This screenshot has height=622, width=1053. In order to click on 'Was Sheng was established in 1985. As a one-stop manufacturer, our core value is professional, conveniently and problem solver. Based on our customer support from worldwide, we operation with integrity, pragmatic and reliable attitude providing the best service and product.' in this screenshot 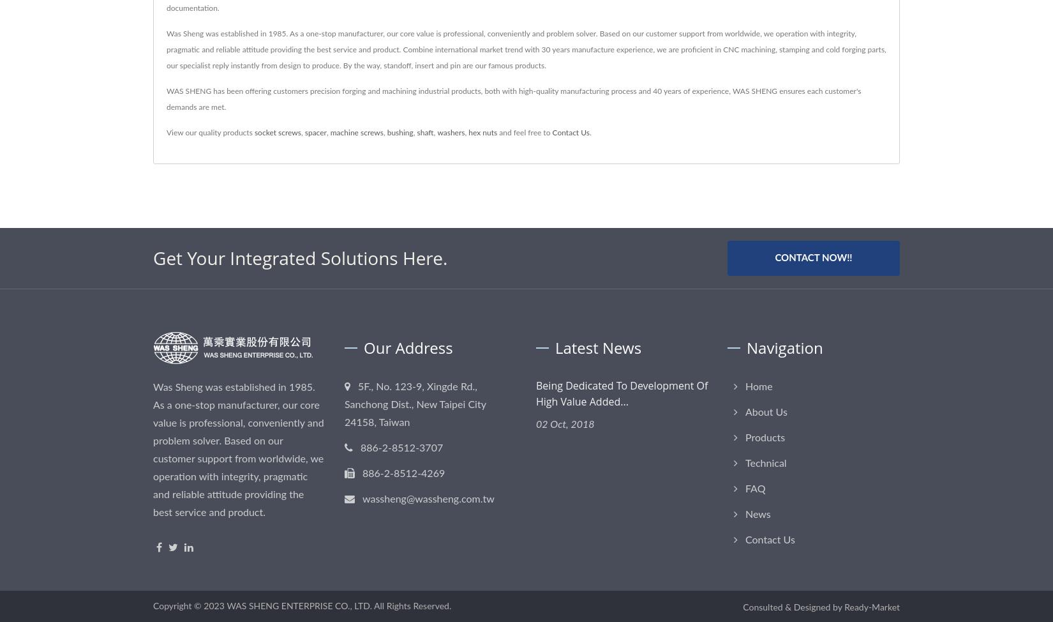, I will do `click(153, 450)`.